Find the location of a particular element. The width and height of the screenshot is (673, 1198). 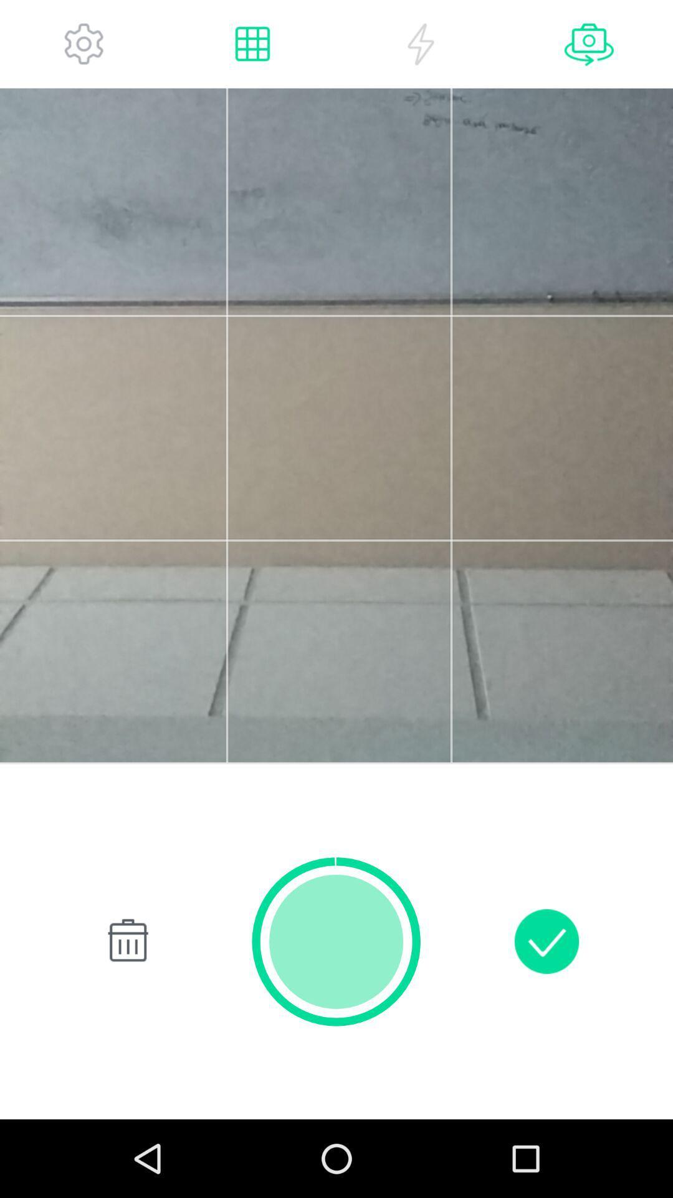

flash is located at coordinates (421, 44).